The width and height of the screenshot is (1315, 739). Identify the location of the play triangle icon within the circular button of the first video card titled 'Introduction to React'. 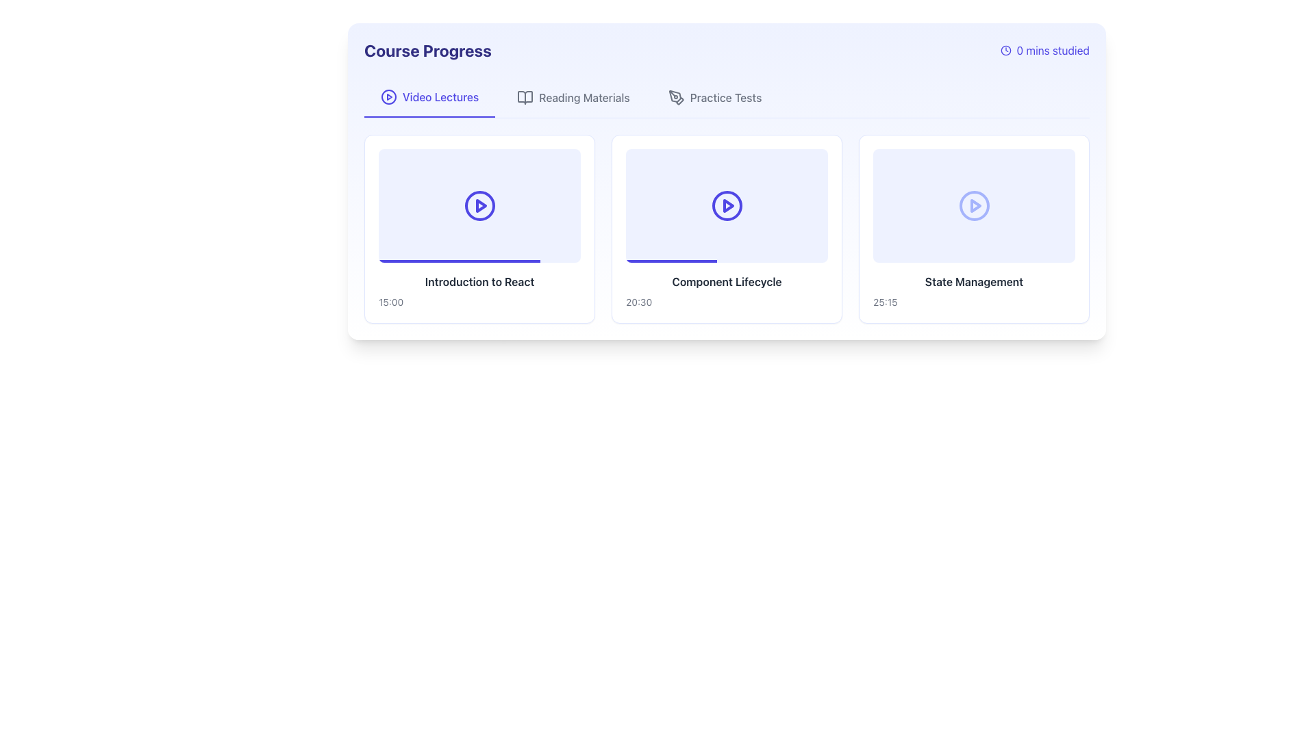
(481, 205).